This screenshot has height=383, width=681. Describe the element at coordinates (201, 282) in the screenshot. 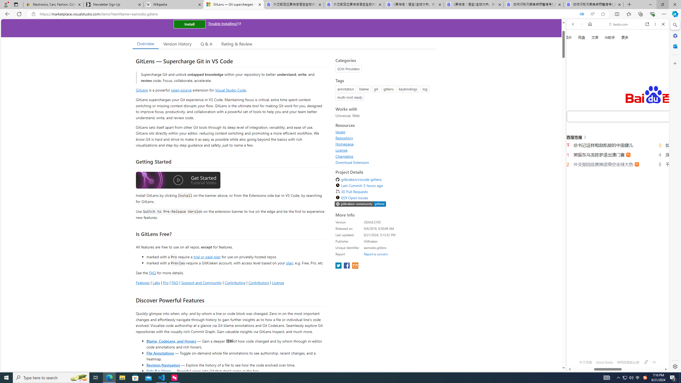

I see `'Support and Community'` at that location.